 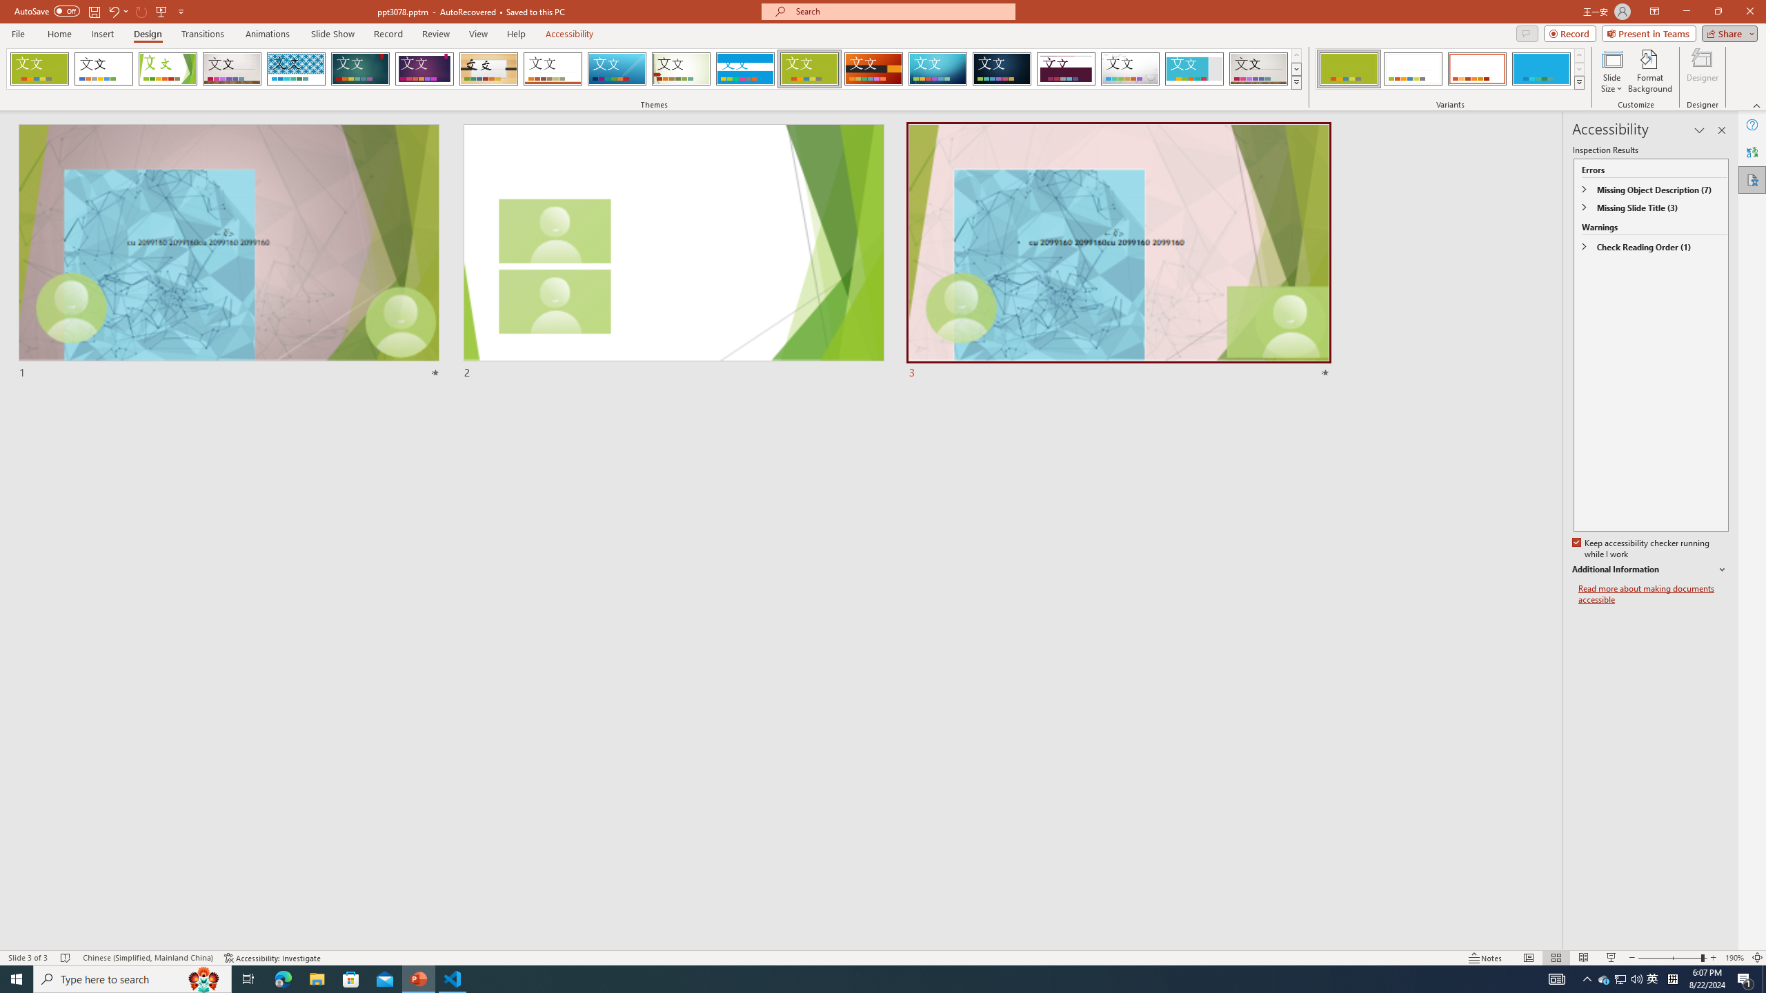 I want to click on 'Variants', so click(x=1578, y=81).